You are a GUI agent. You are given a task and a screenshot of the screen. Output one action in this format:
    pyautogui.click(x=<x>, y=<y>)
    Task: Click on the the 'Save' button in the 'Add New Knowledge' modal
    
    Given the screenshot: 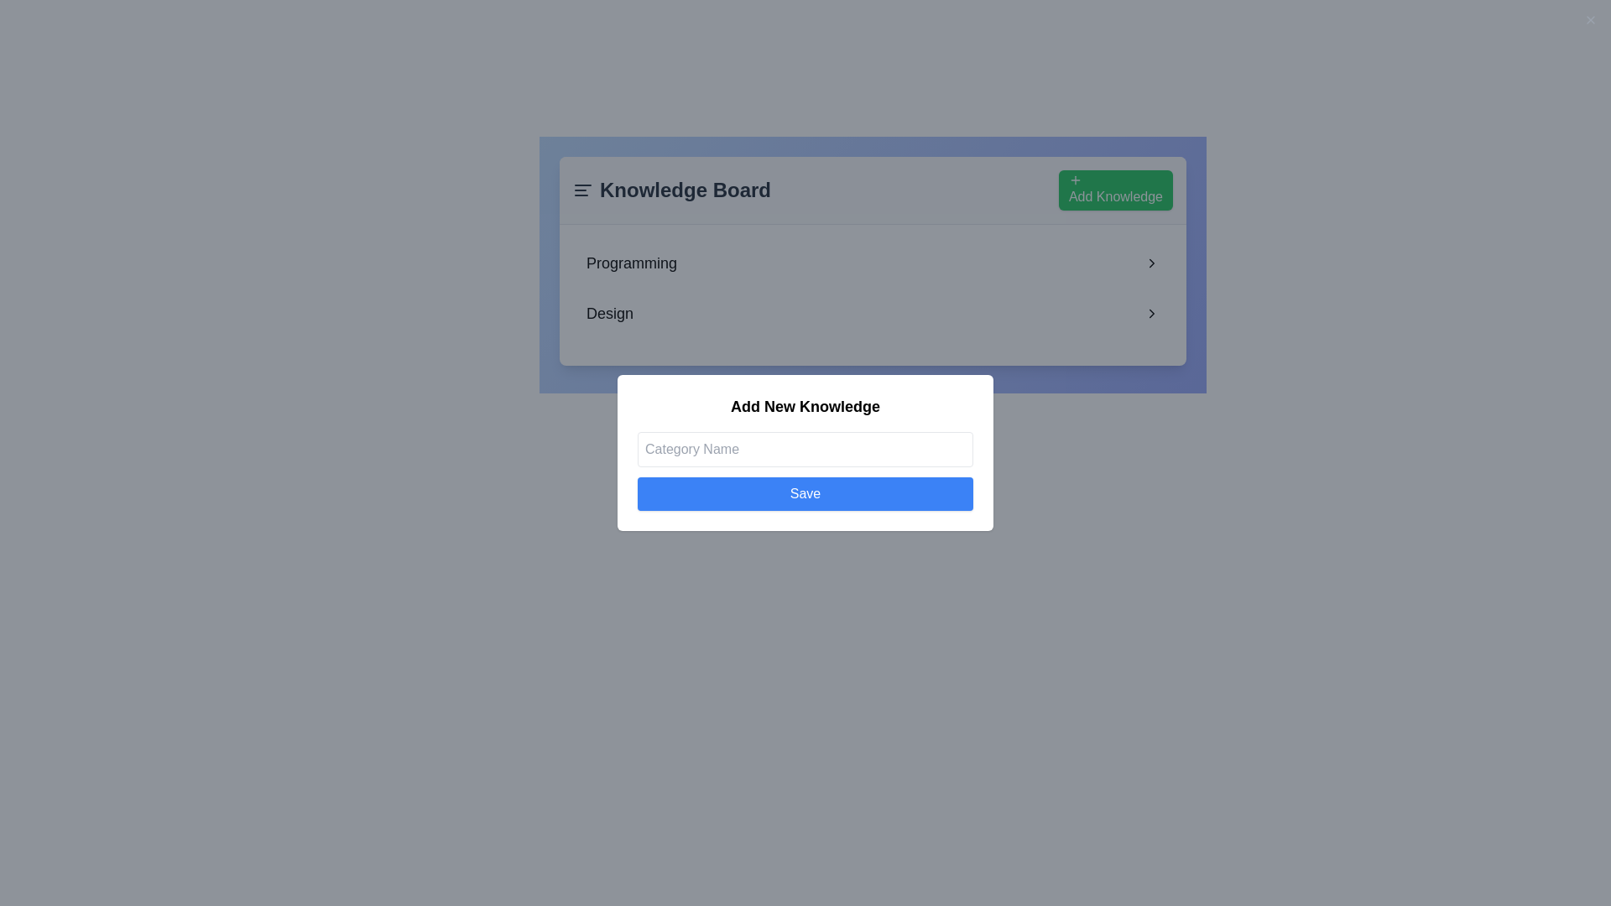 What is the action you would take?
    pyautogui.click(x=805, y=471)
    